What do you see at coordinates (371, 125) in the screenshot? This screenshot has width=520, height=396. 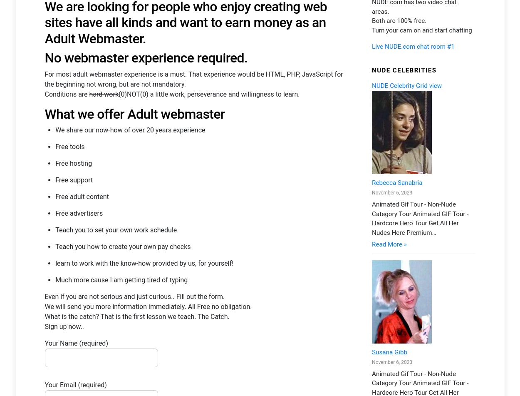 I see `'Animated Gif Tour - Non-Nude Category Tour Animated GIF Tour - Hardcore Hero Tour Get All Her Nudes Here Premium…'` at bounding box center [371, 125].